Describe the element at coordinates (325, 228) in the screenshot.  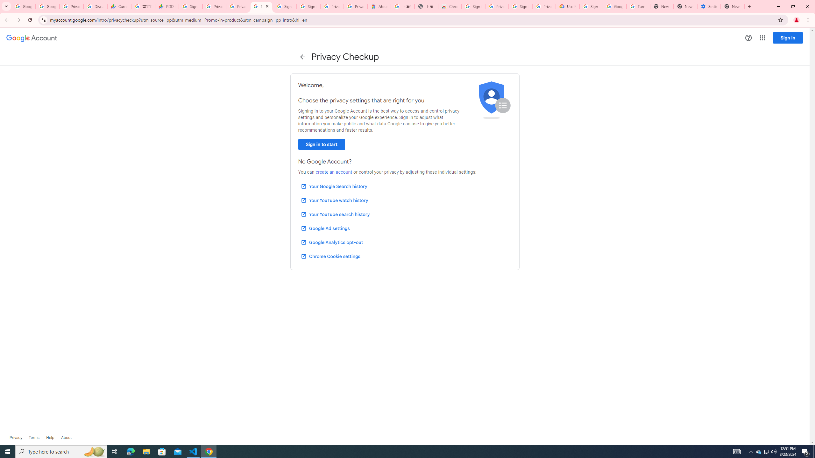
I see `'Google Ad settings'` at that location.